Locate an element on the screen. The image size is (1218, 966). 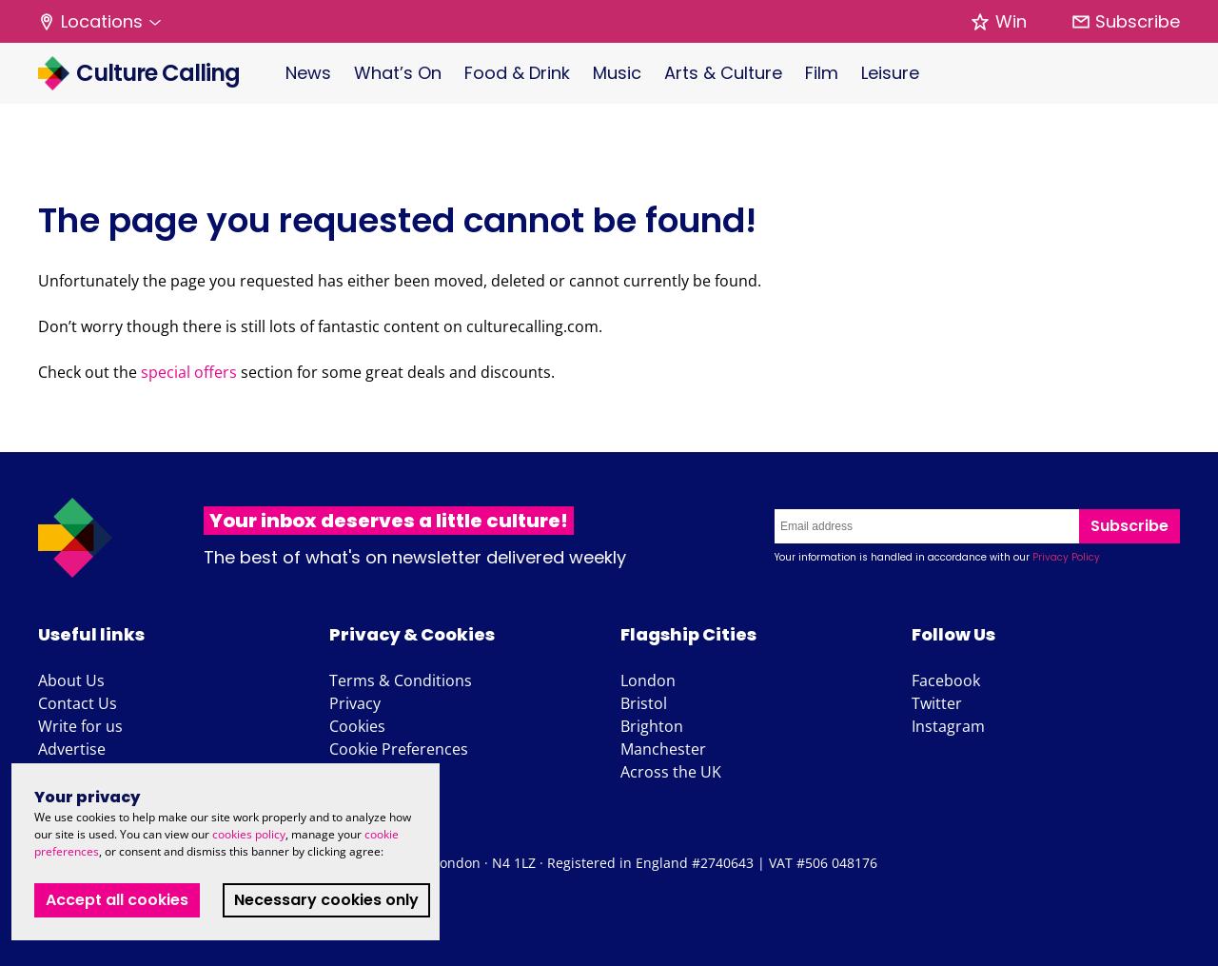
'Locations' is located at coordinates (101, 20).